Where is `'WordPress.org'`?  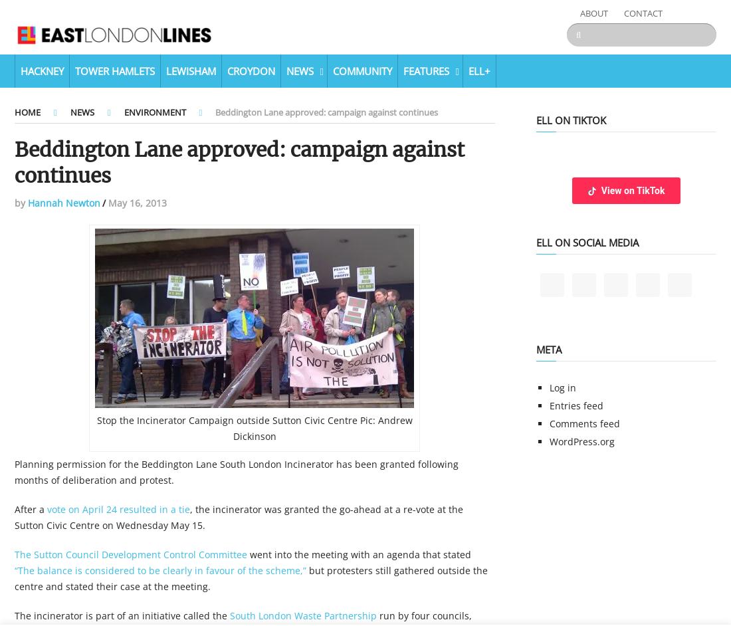 'WordPress.org' is located at coordinates (581, 441).